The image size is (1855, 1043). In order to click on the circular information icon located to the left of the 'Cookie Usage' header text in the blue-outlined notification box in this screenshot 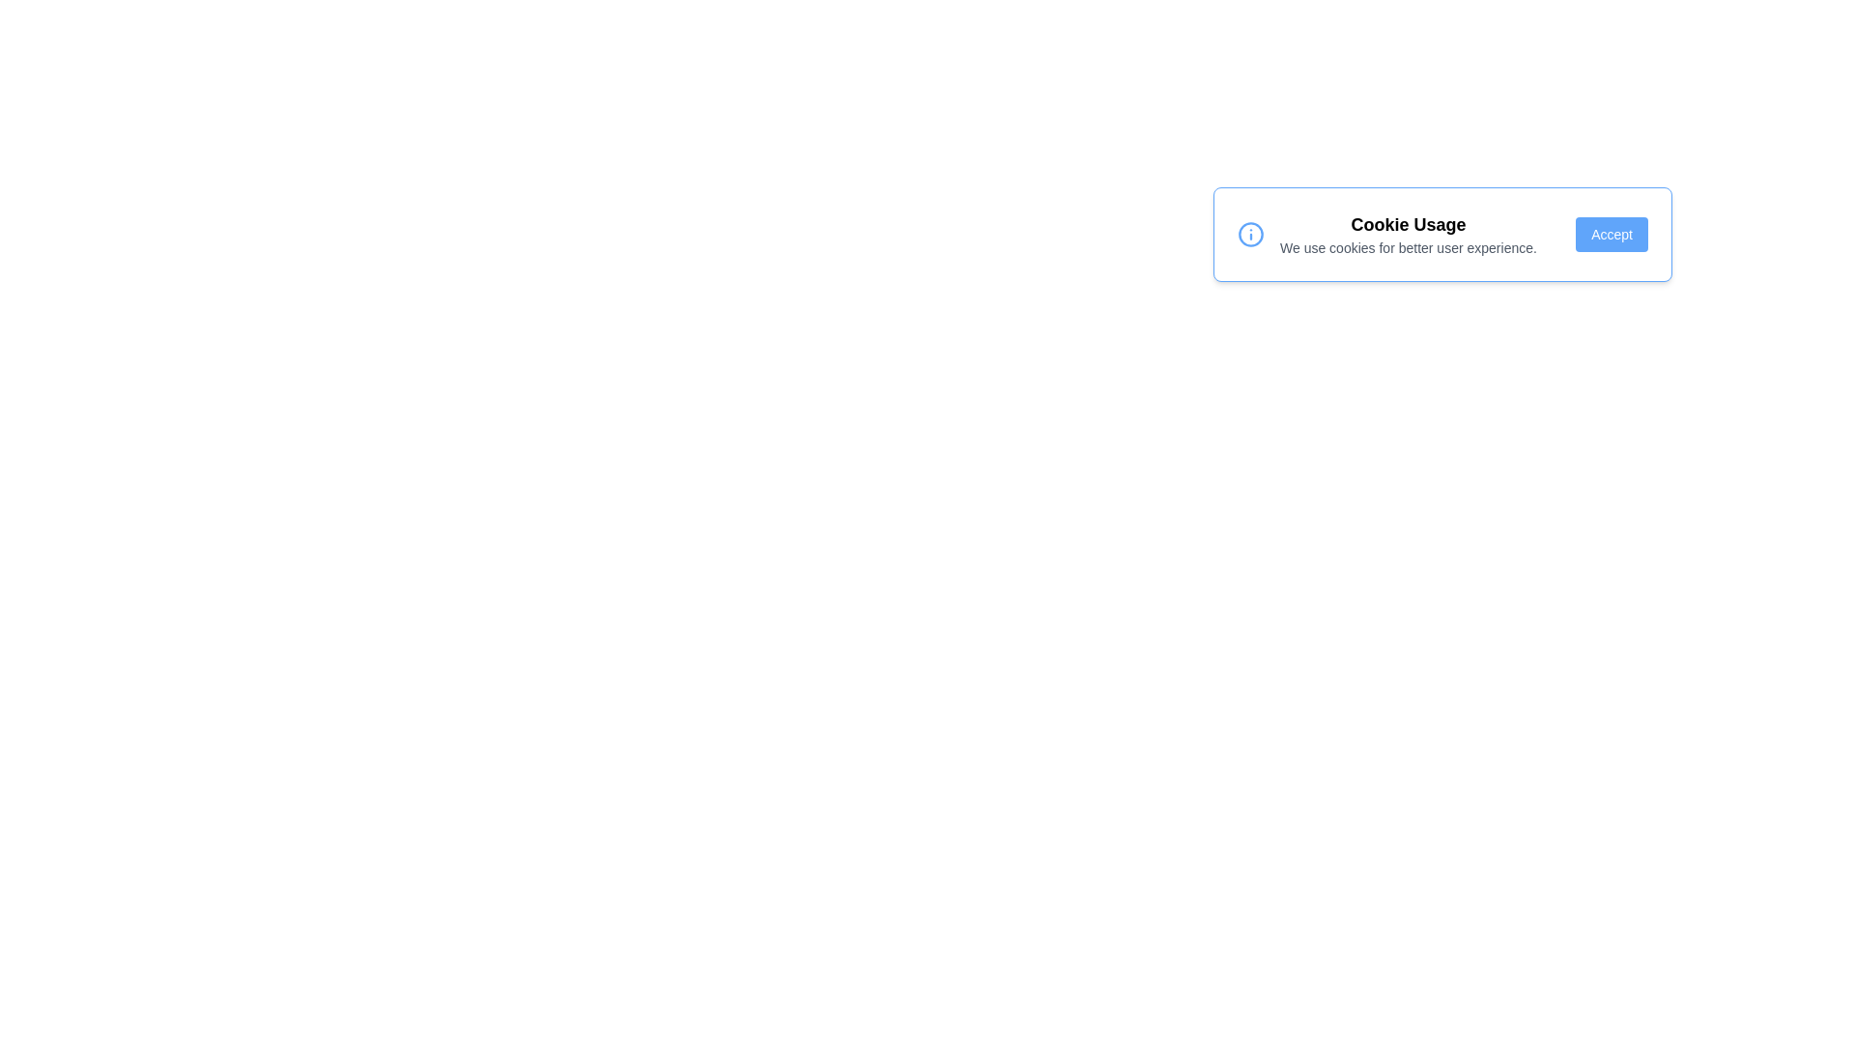, I will do `click(1251, 234)`.